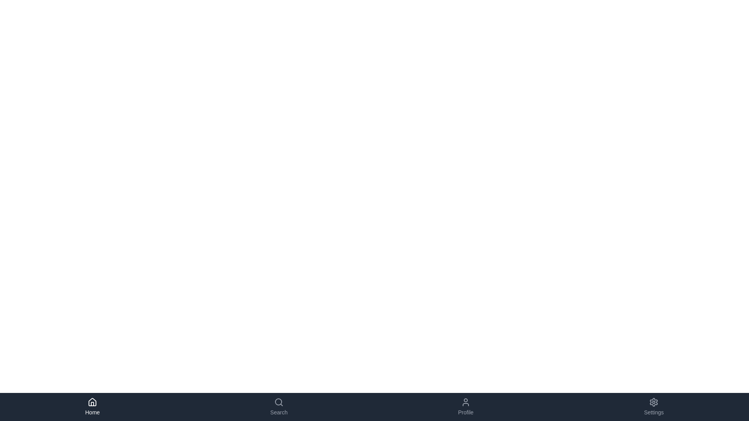 The width and height of the screenshot is (749, 421). What do you see at coordinates (466, 412) in the screenshot?
I see `the 'Profile' text label located in the bottom navigation bar, which is styled in gray and presents the word 'Profile'` at bounding box center [466, 412].